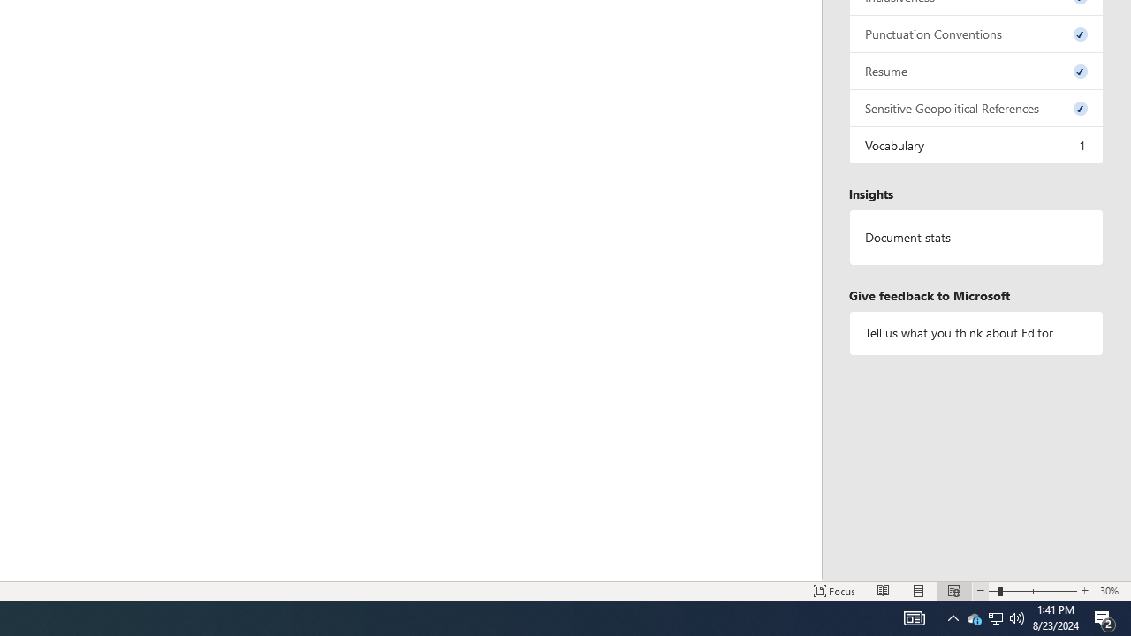  I want to click on 'Zoom 30%', so click(1111, 591).